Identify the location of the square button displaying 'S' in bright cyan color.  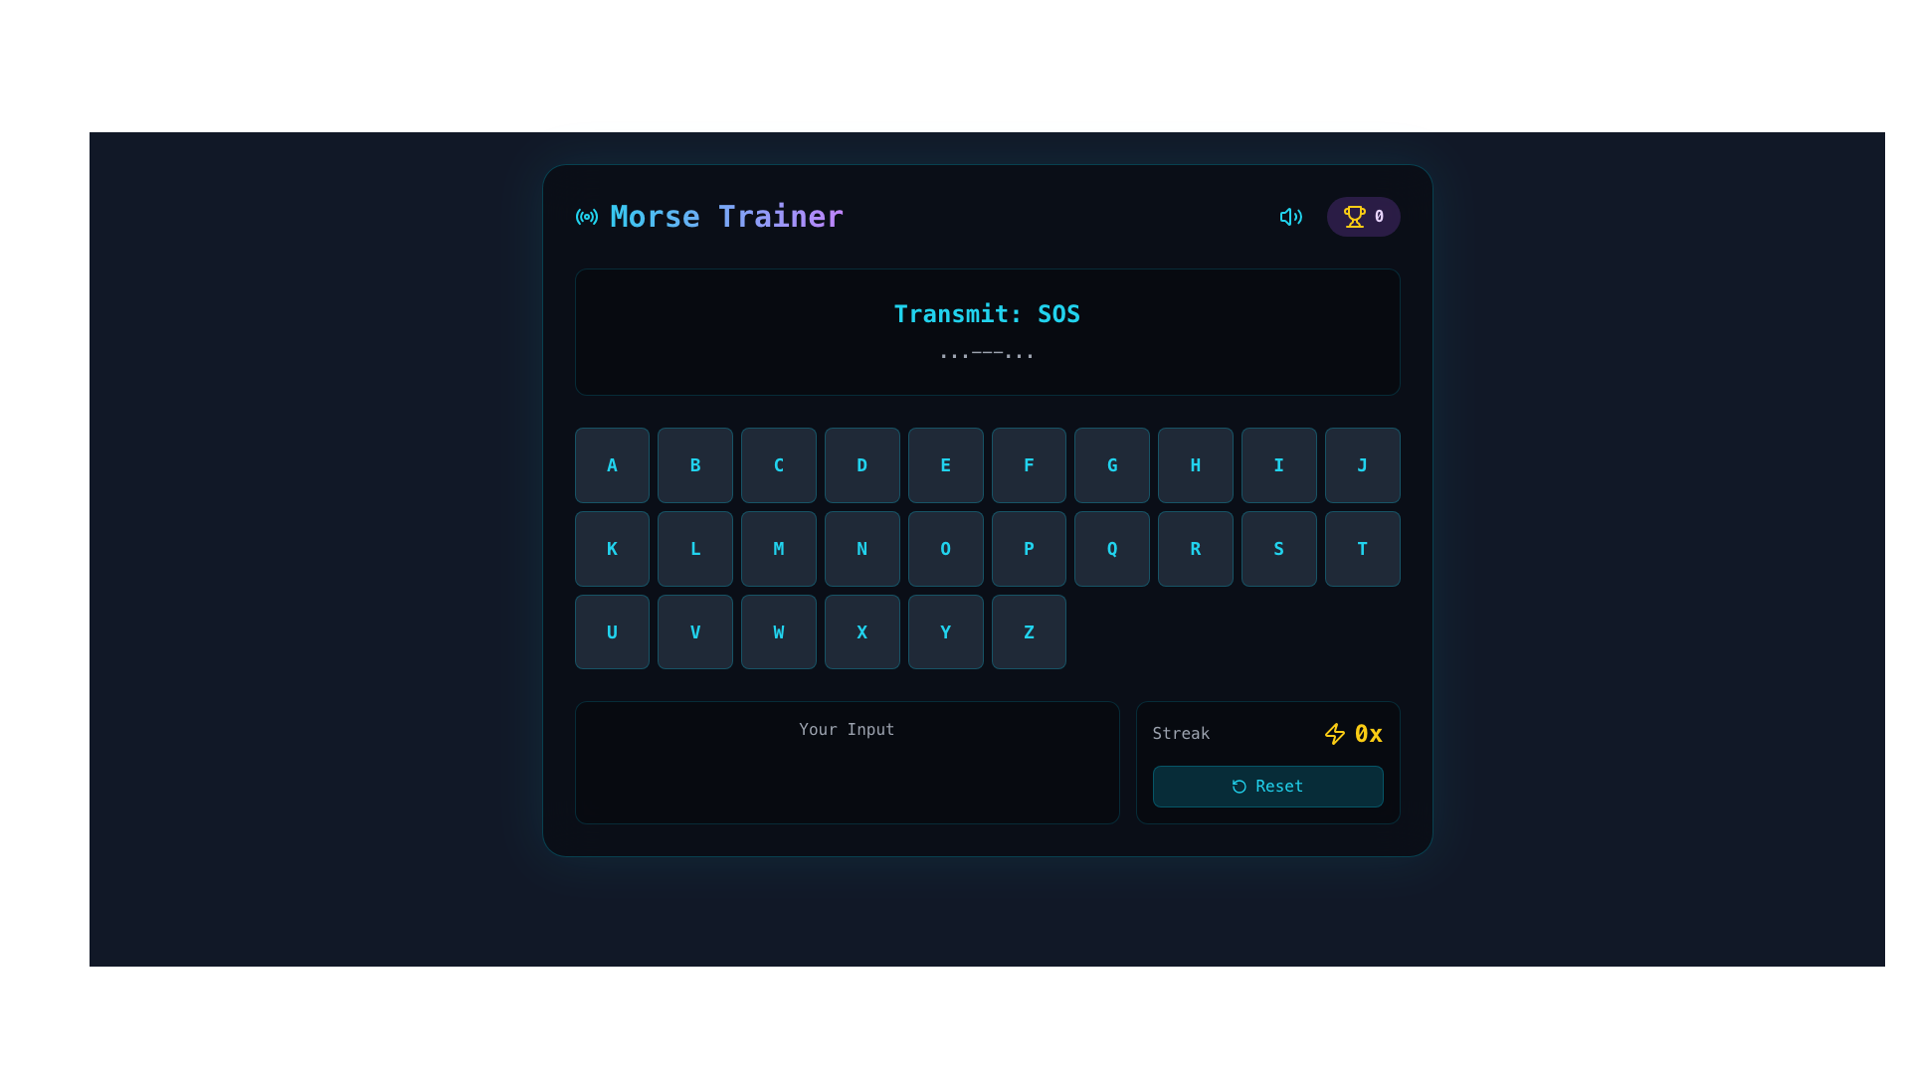
(1278, 548).